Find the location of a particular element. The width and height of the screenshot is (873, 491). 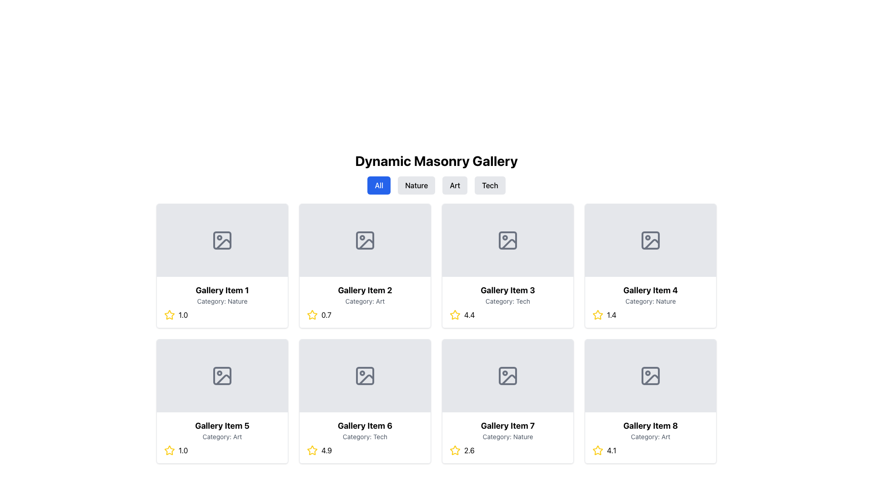

the star icon indicating the gallery item's rating, which is located in the third card of the first row, next to the text '4.4' is located at coordinates (455, 315).